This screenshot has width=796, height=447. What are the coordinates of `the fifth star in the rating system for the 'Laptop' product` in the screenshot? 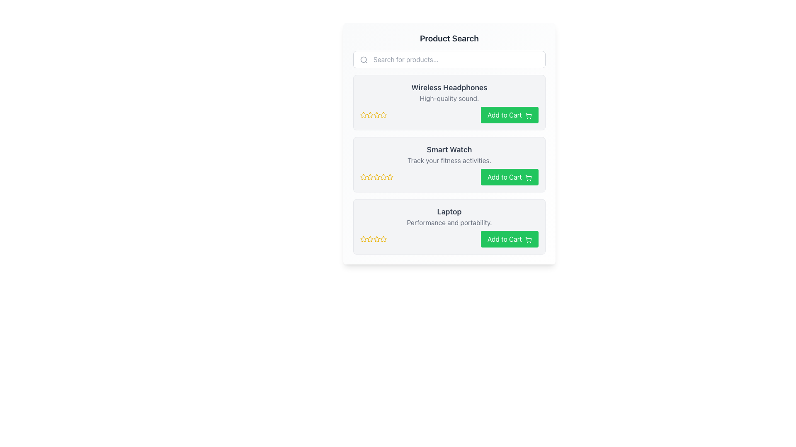 It's located at (376, 239).